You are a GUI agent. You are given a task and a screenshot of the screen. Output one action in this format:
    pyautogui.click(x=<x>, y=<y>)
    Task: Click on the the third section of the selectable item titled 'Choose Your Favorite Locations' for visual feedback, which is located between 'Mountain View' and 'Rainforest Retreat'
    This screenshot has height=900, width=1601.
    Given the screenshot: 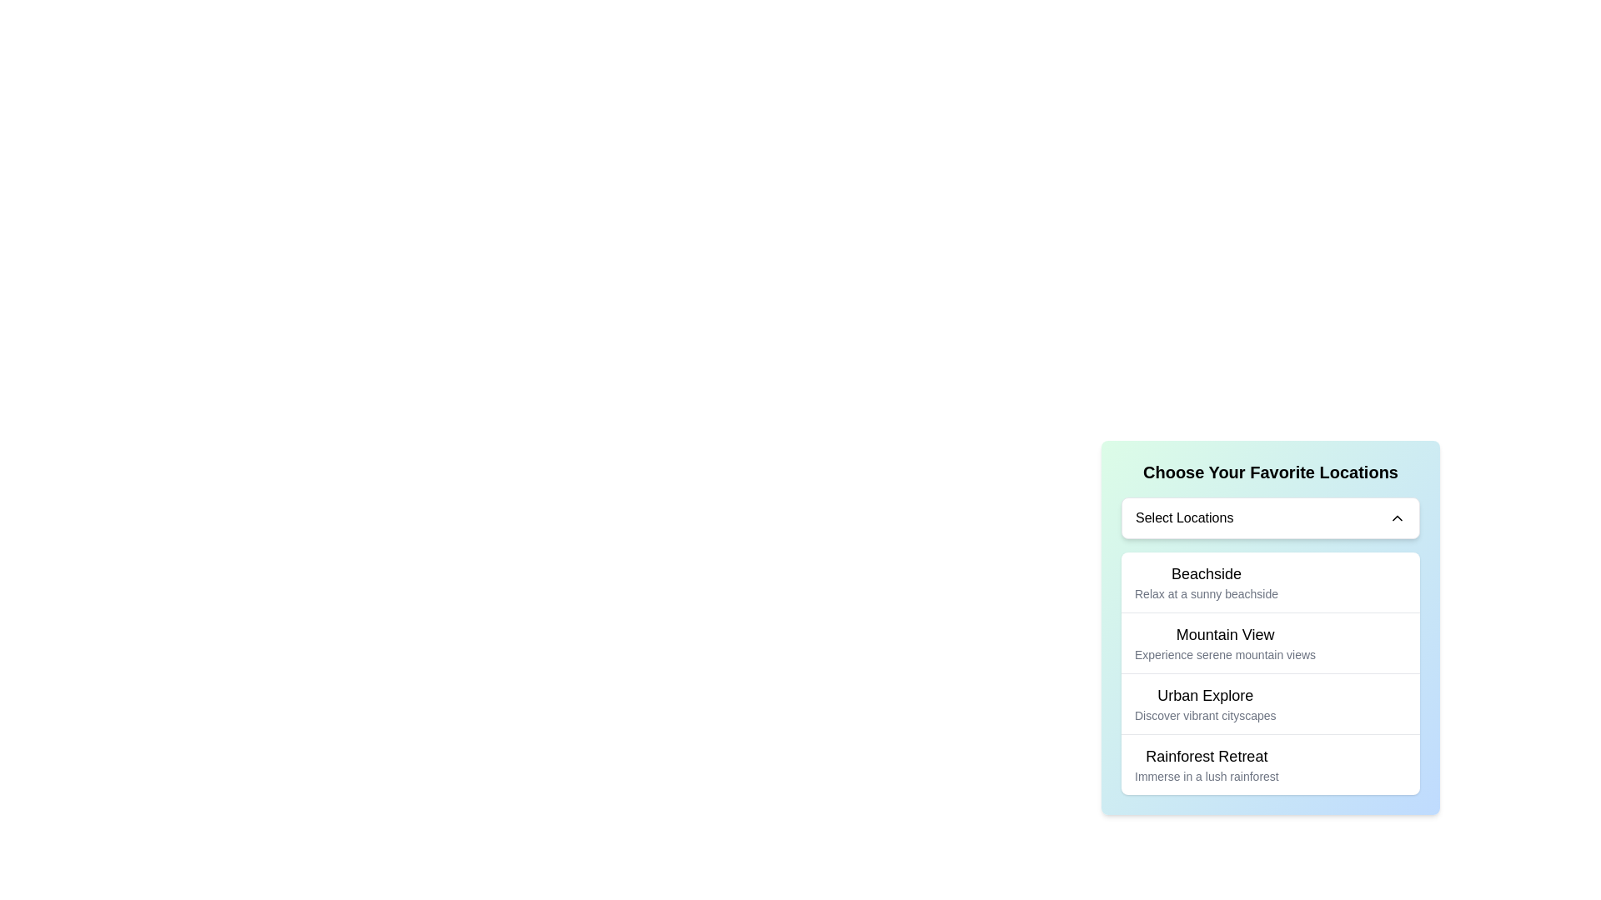 What is the action you would take?
    pyautogui.click(x=1269, y=672)
    